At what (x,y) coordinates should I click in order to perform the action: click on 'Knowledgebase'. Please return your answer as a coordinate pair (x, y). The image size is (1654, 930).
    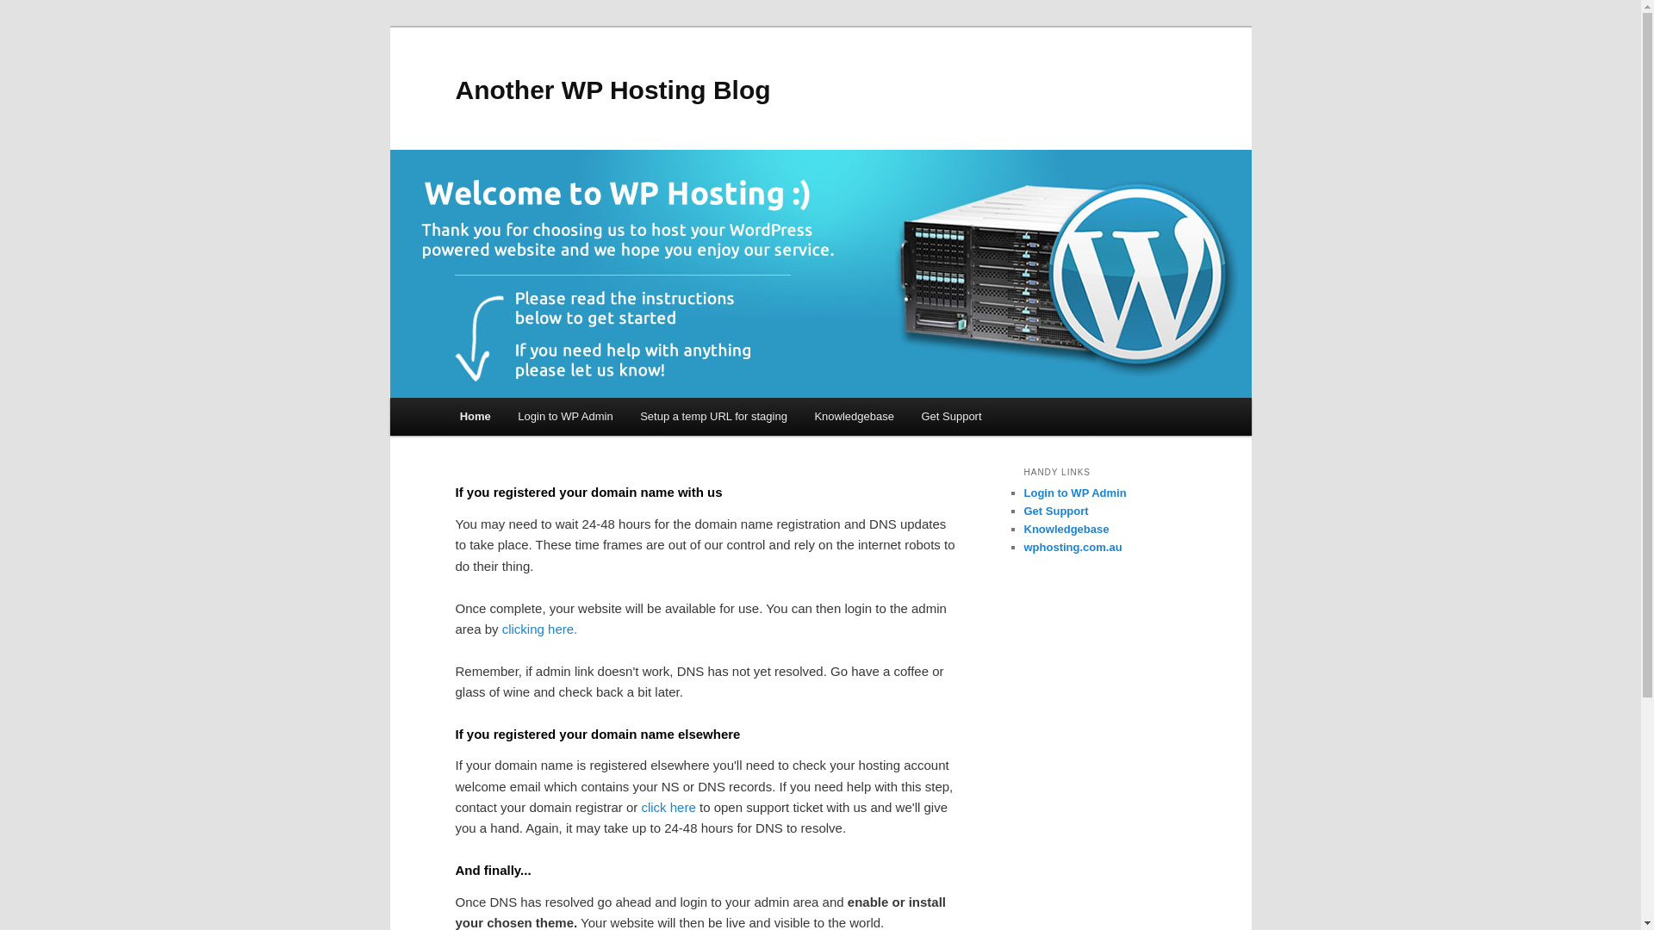
    Looking at the image, I should click on (855, 416).